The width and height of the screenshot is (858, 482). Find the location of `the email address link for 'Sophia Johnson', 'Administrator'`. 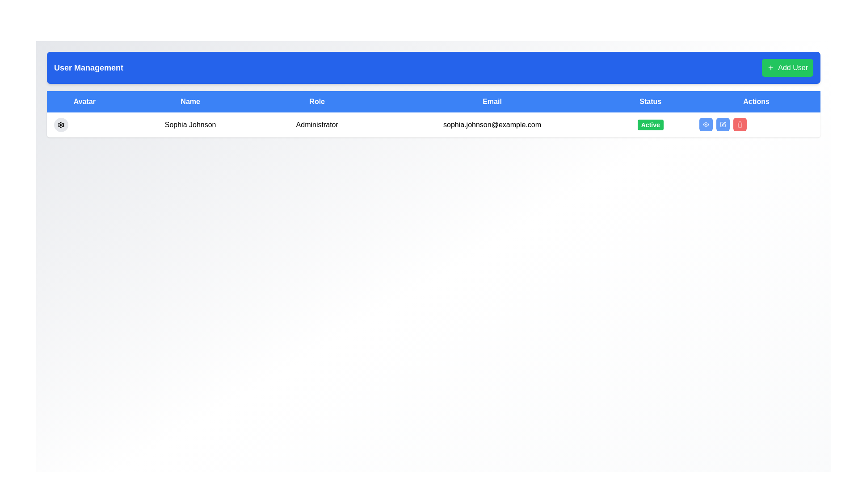

the email address link for 'Sophia Johnson', 'Administrator' is located at coordinates (492, 125).